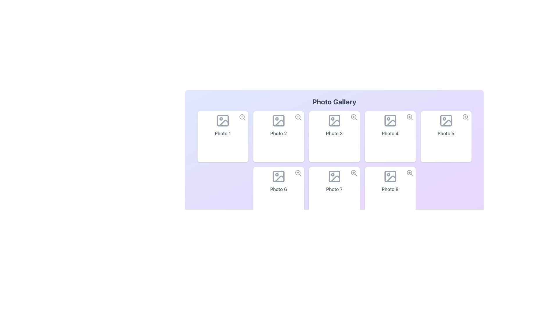 This screenshot has width=558, height=314. I want to click on the descriptive text label for 'Photo 6' located at the bottom-center of the sixth card in the grid layout, so click(278, 189).